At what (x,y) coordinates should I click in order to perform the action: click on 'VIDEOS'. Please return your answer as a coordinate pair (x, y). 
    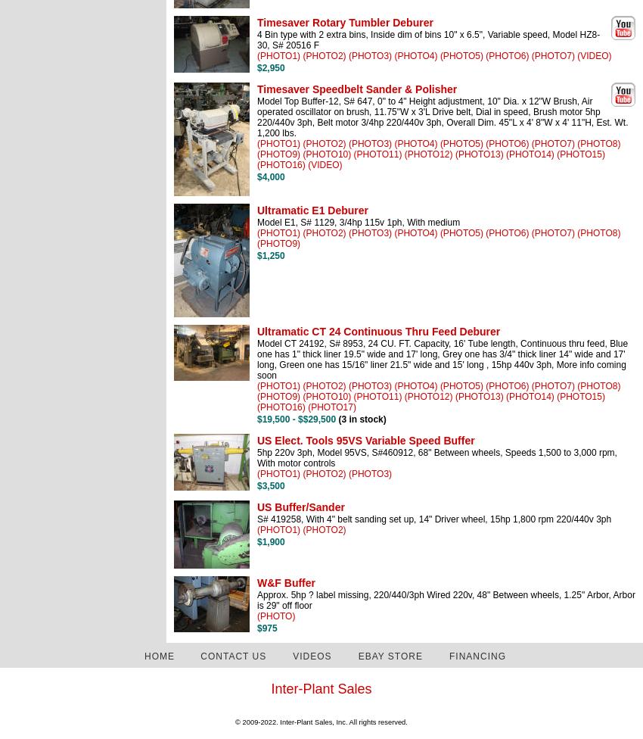
    Looking at the image, I should click on (312, 655).